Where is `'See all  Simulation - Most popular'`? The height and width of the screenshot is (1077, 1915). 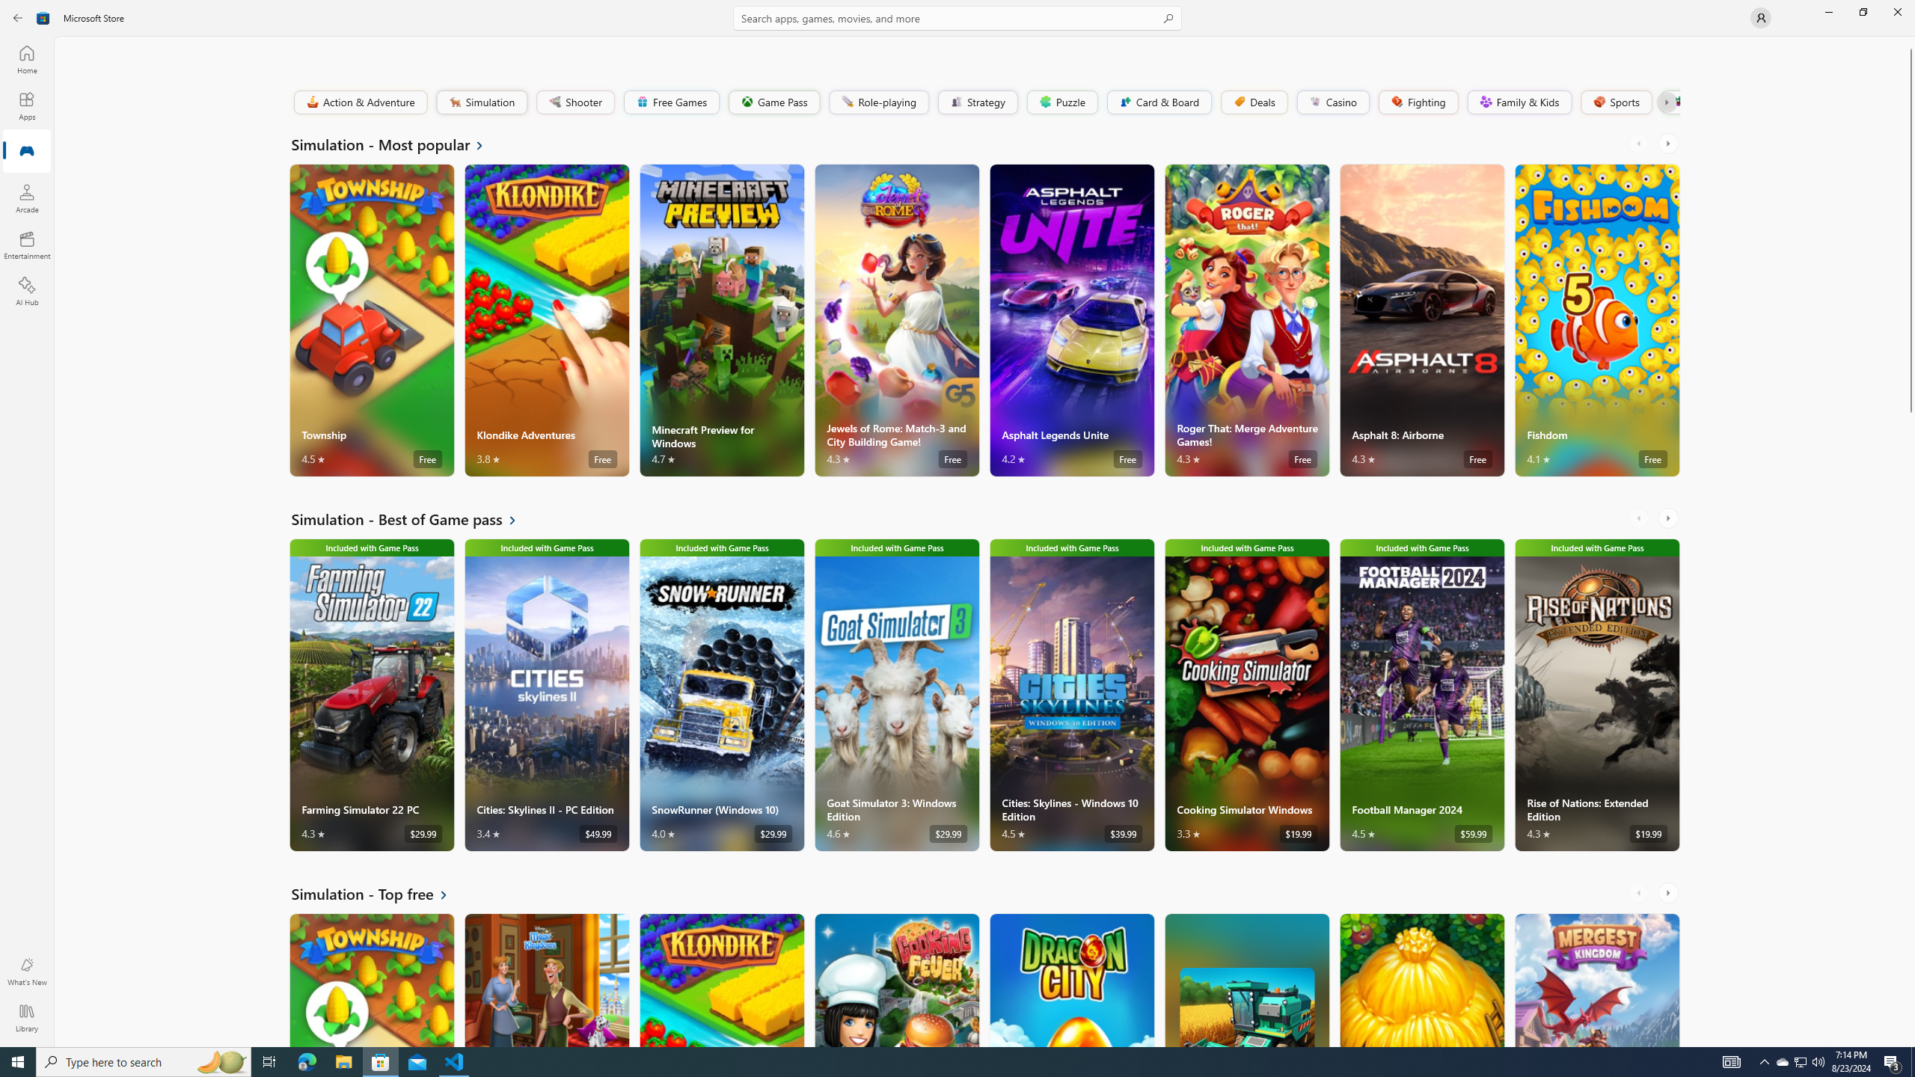 'See all  Simulation - Most popular' is located at coordinates (396, 143).